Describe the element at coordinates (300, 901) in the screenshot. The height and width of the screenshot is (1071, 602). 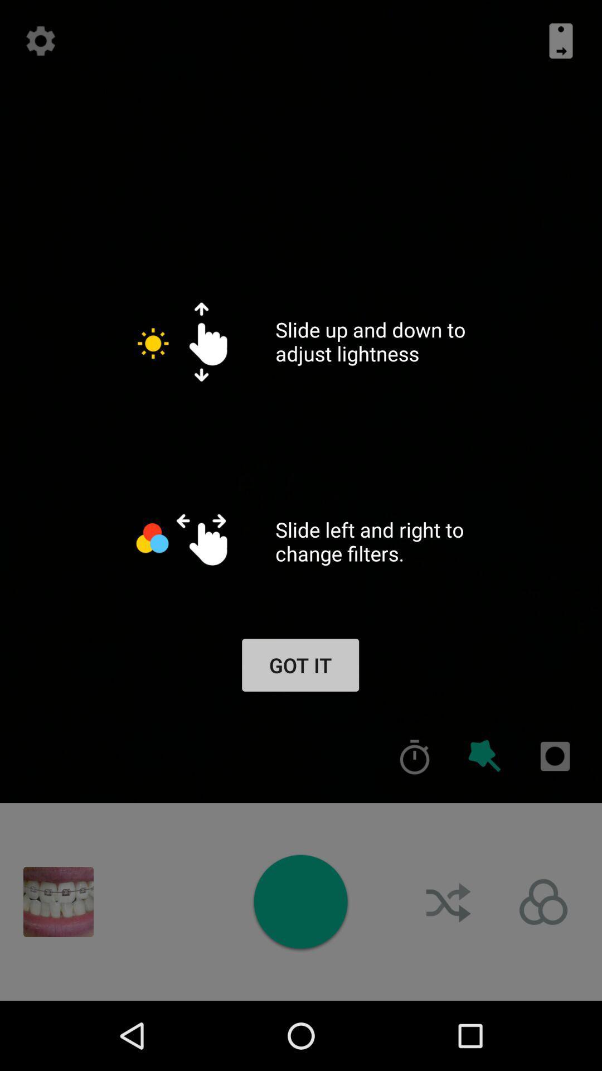
I see `take a picture` at that location.